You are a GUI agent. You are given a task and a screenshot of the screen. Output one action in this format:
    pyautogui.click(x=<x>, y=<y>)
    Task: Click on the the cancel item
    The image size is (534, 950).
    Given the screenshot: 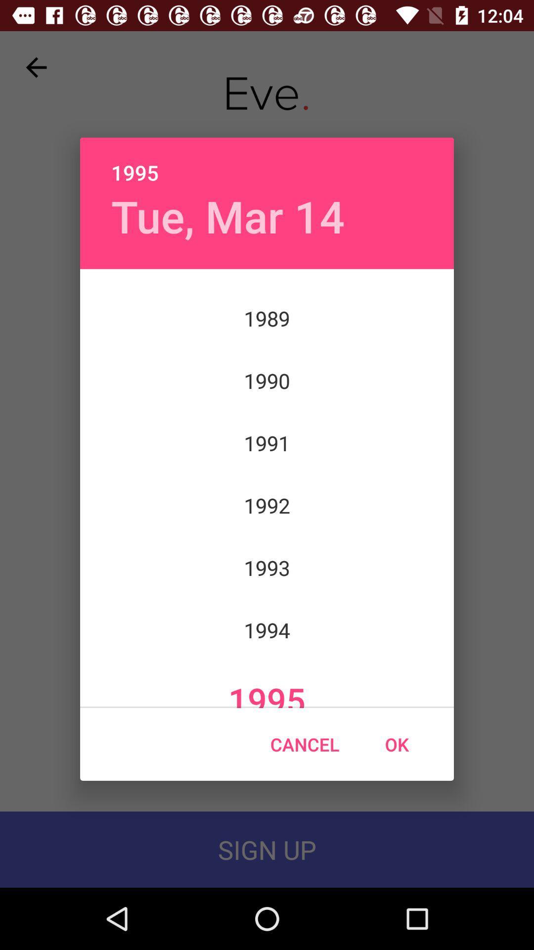 What is the action you would take?
    pyautogui.click(x=304, y=744)
    